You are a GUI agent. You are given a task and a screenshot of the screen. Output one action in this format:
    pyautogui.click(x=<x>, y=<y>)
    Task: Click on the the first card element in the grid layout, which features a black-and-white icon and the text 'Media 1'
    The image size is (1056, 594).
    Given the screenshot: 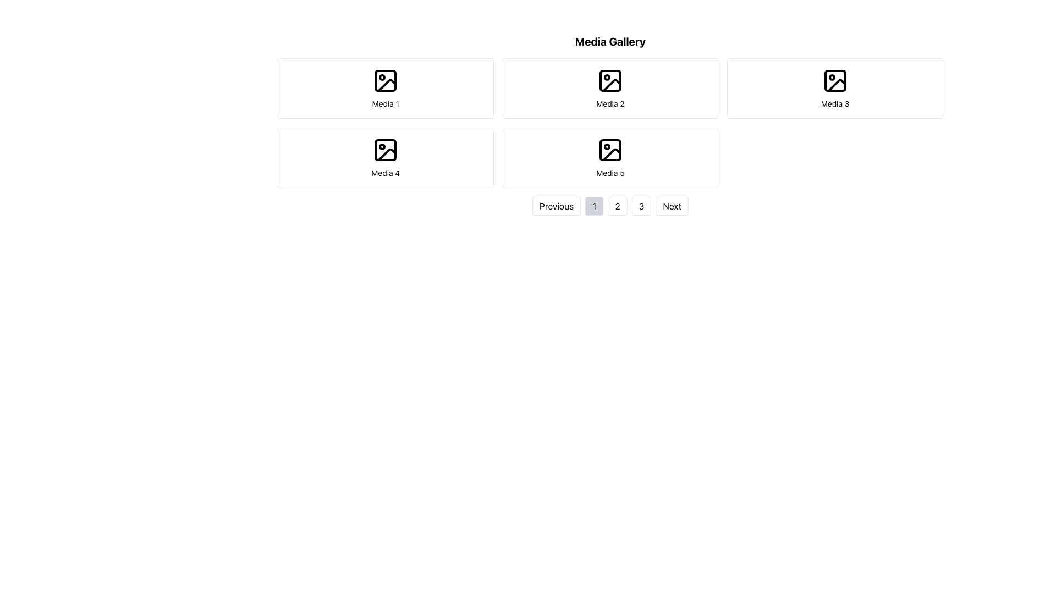 What is the action you would take?
    pyautogui.click(x=386, y=88)
    